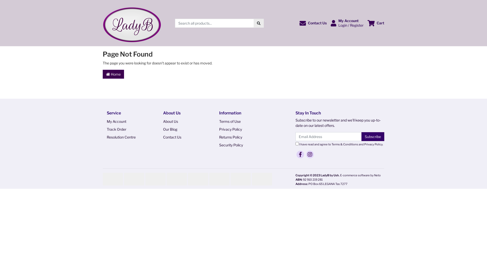 This screenshot has width=487, height=274. Describe the element at coordinates (183, 129) in the screenshot. I see `'Our Blog'` at that location.